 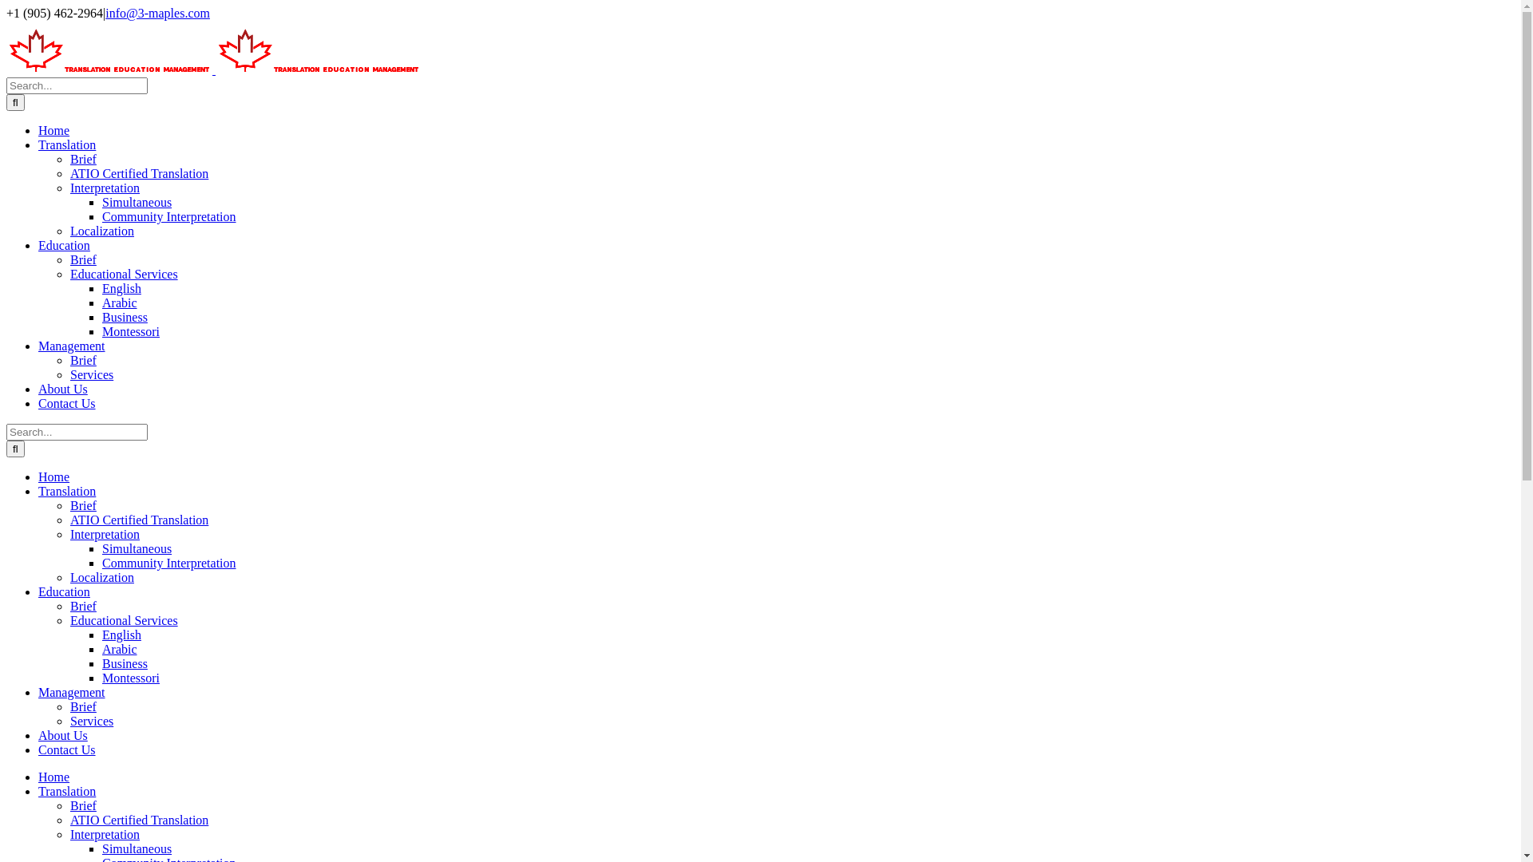 I want to click on 'info@3-maples.com', so click(x=105, y=13).